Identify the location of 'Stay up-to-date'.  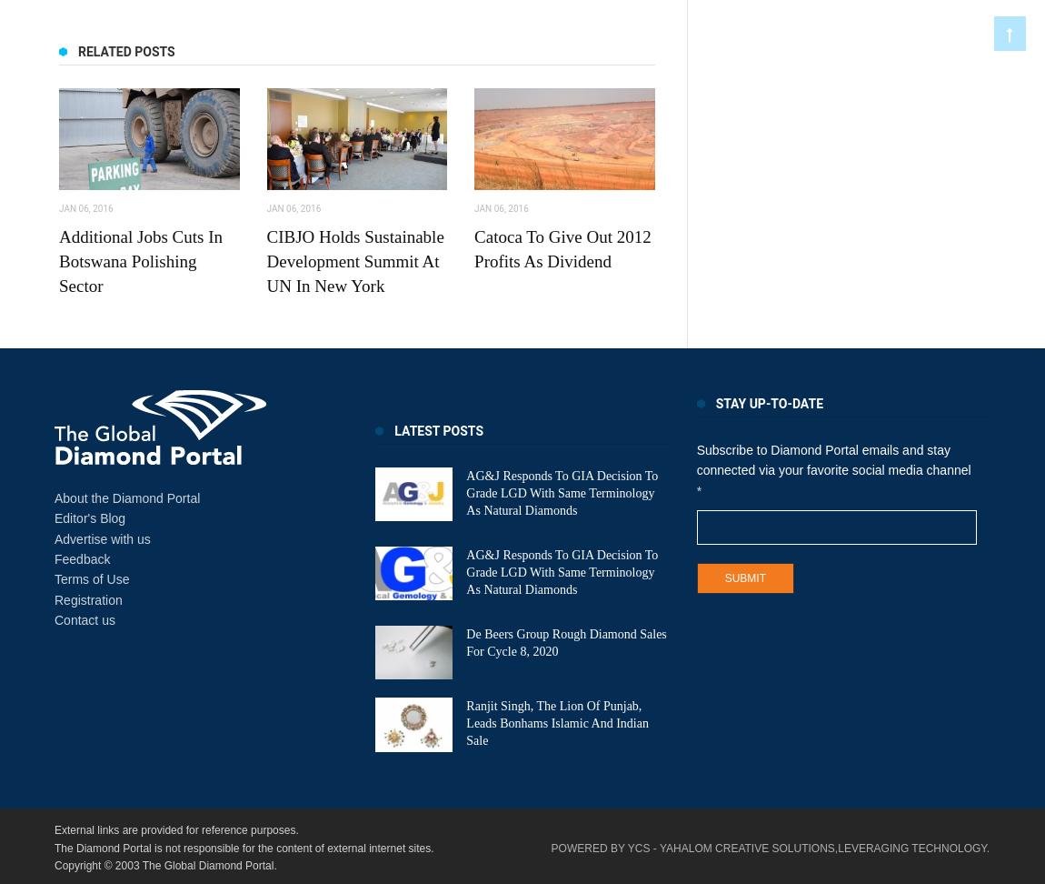
(768, 402).